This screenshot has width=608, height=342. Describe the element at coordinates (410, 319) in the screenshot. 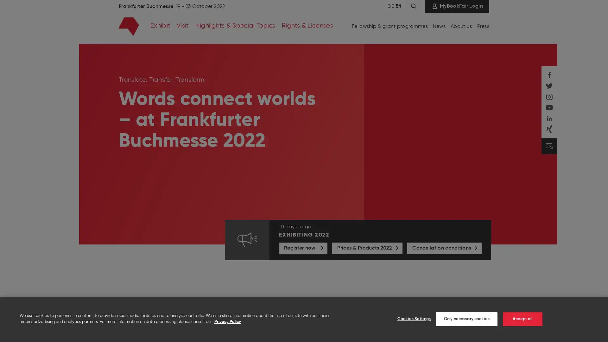

I see `Cookies Settings` at that location.